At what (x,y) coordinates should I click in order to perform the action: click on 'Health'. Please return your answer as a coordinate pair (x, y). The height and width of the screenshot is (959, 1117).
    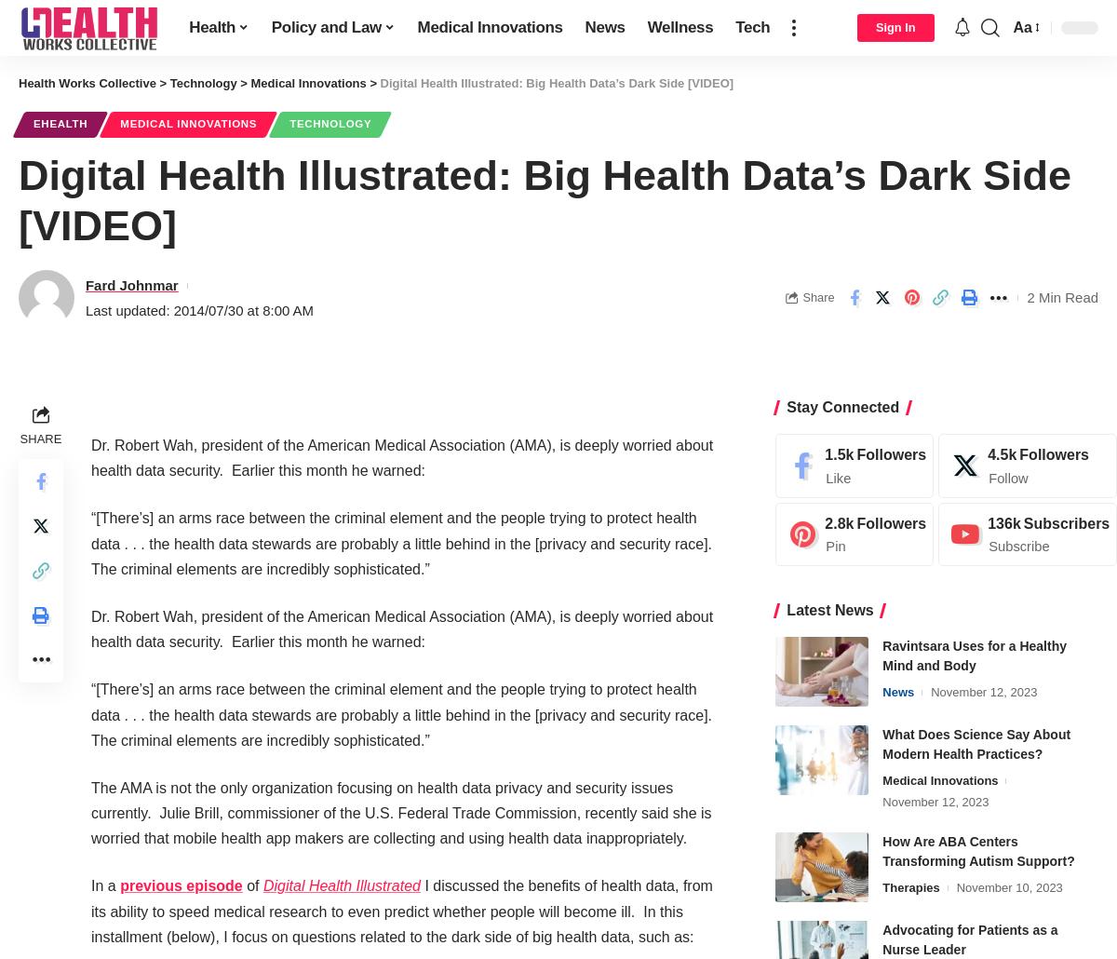
    Looking at the image, I should click on (211, 27).